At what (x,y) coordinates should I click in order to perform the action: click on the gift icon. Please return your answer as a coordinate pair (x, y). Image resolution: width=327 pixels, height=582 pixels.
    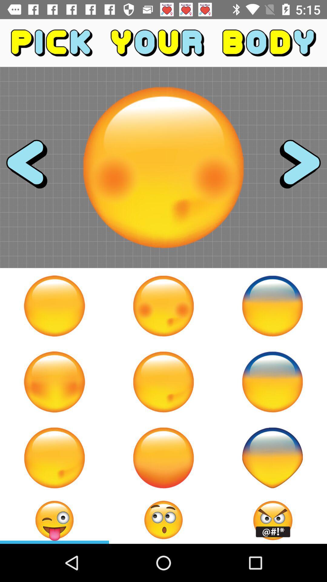
    Looking at the image, I should click on (272, 520).